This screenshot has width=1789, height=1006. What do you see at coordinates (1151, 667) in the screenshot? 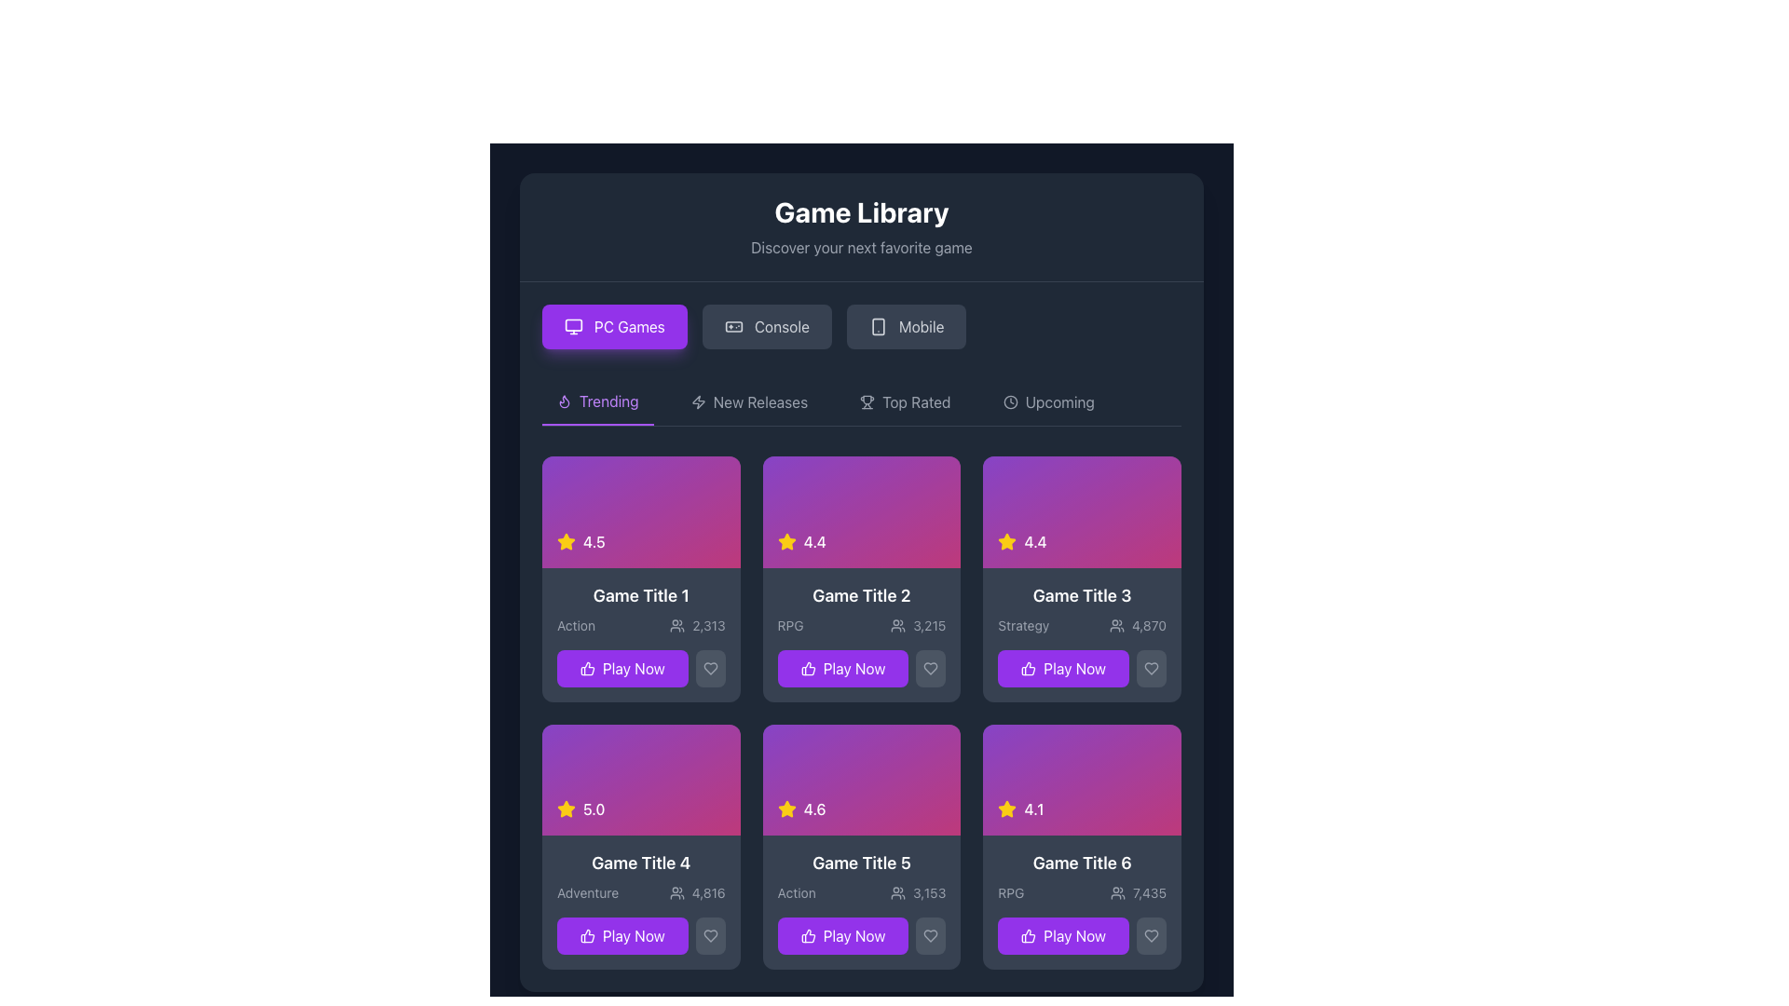
I see `the circular button with a gray background and an outlined heart icon located in the bottom-right corner of the card for 'Game Title 3' to change its style` at bounding box center [1151, 667].